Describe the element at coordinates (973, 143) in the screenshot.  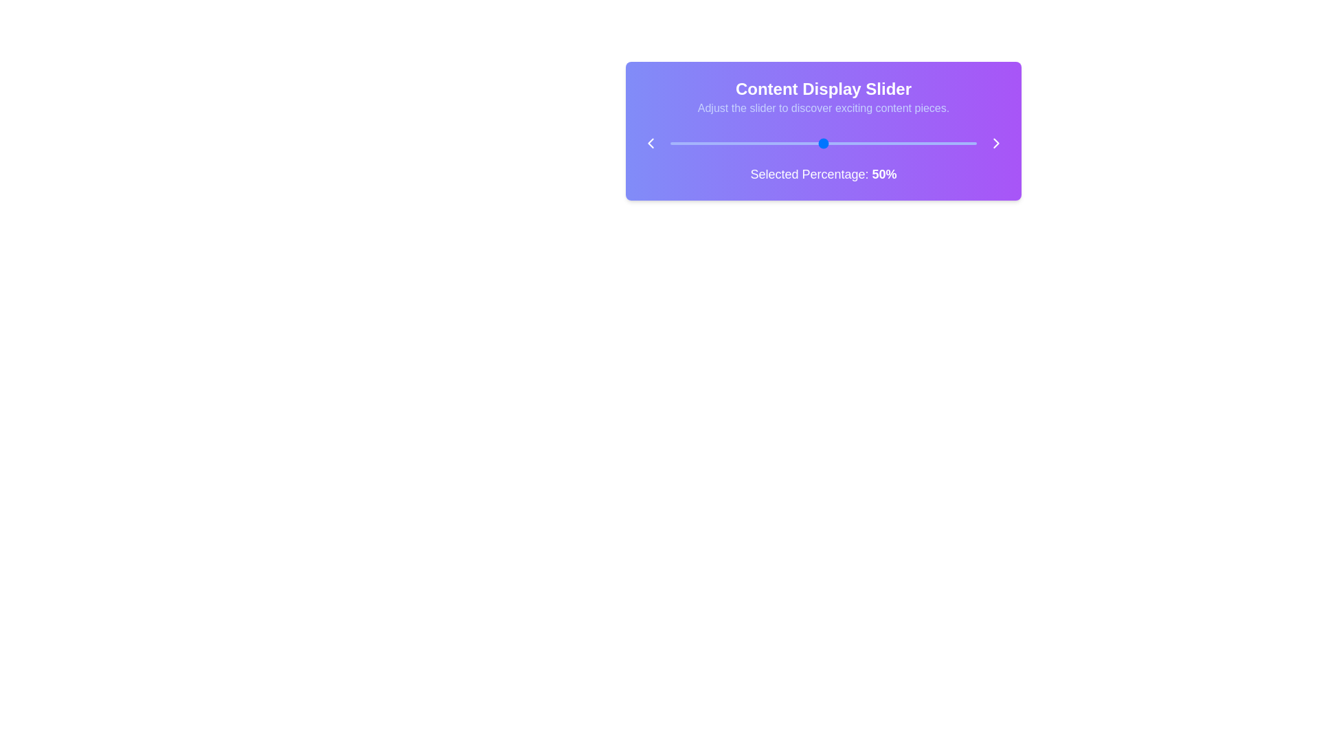
I see `the slider to set the percentage to 99%` at that location.